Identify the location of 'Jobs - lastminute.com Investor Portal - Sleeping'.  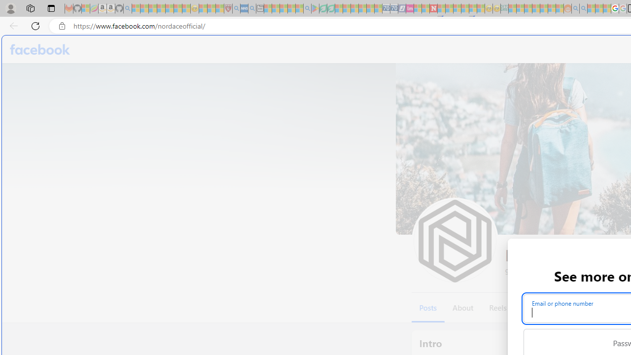
(410, 8).